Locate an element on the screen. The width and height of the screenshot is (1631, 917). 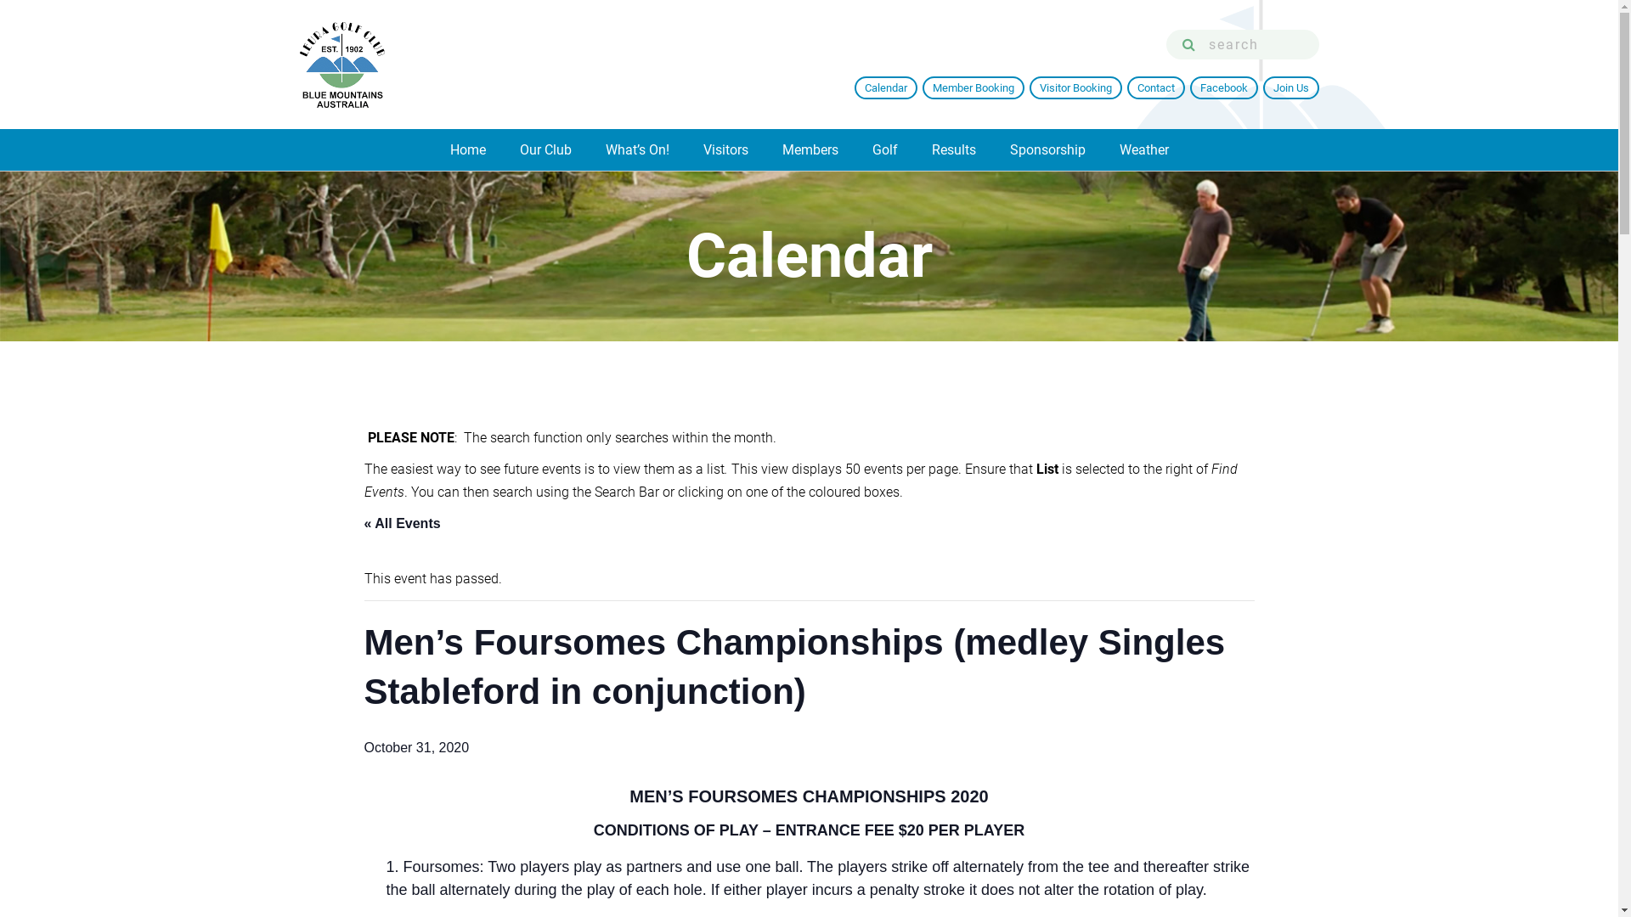
'Home' is located at coordinates (468, 149).